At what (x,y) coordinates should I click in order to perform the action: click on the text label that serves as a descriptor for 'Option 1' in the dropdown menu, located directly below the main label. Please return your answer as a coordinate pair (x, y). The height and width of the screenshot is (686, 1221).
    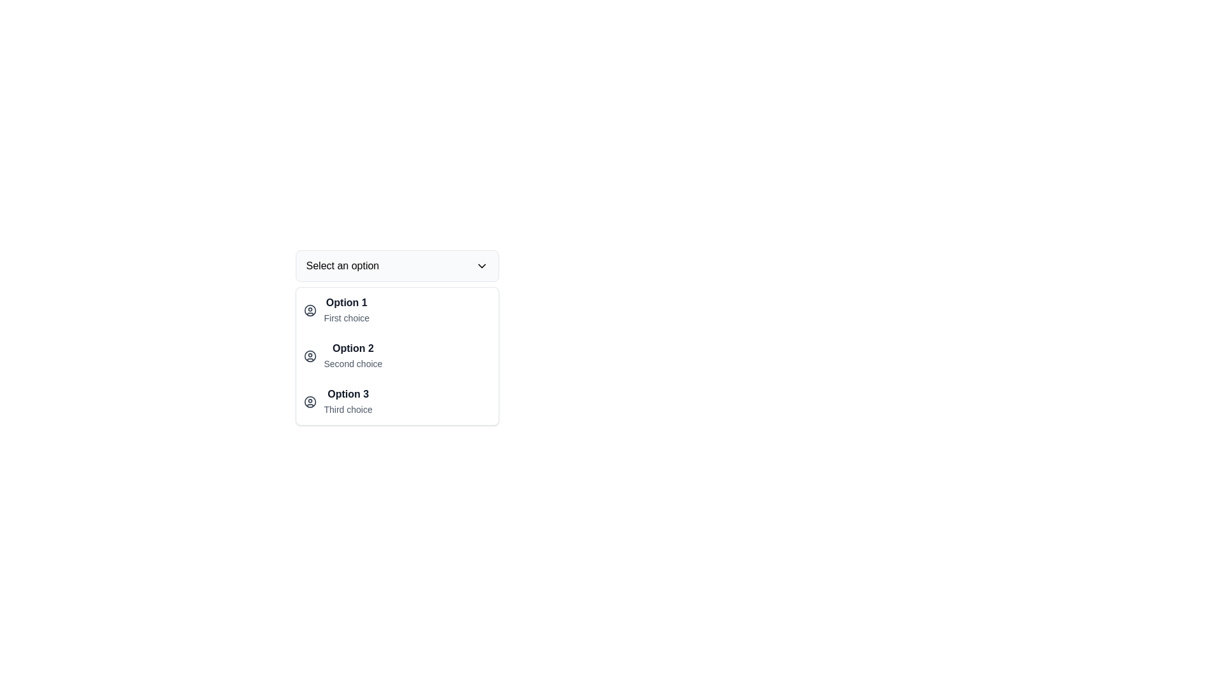
    Looking at the image, I should click on (347, 318).